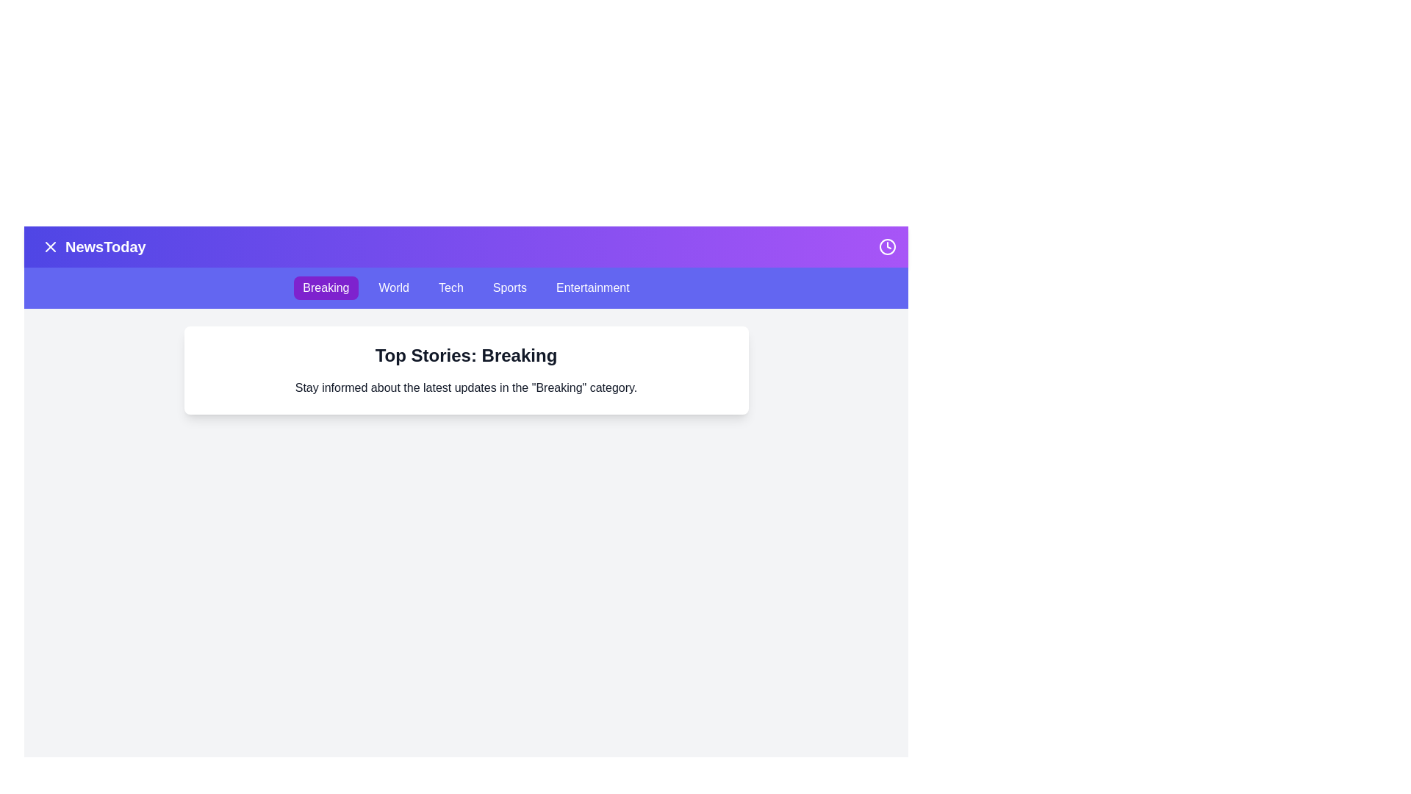 This screenshot has width=1411, height=794. I want to click on the category Breaking from the navigation bar, so click(325, 288).